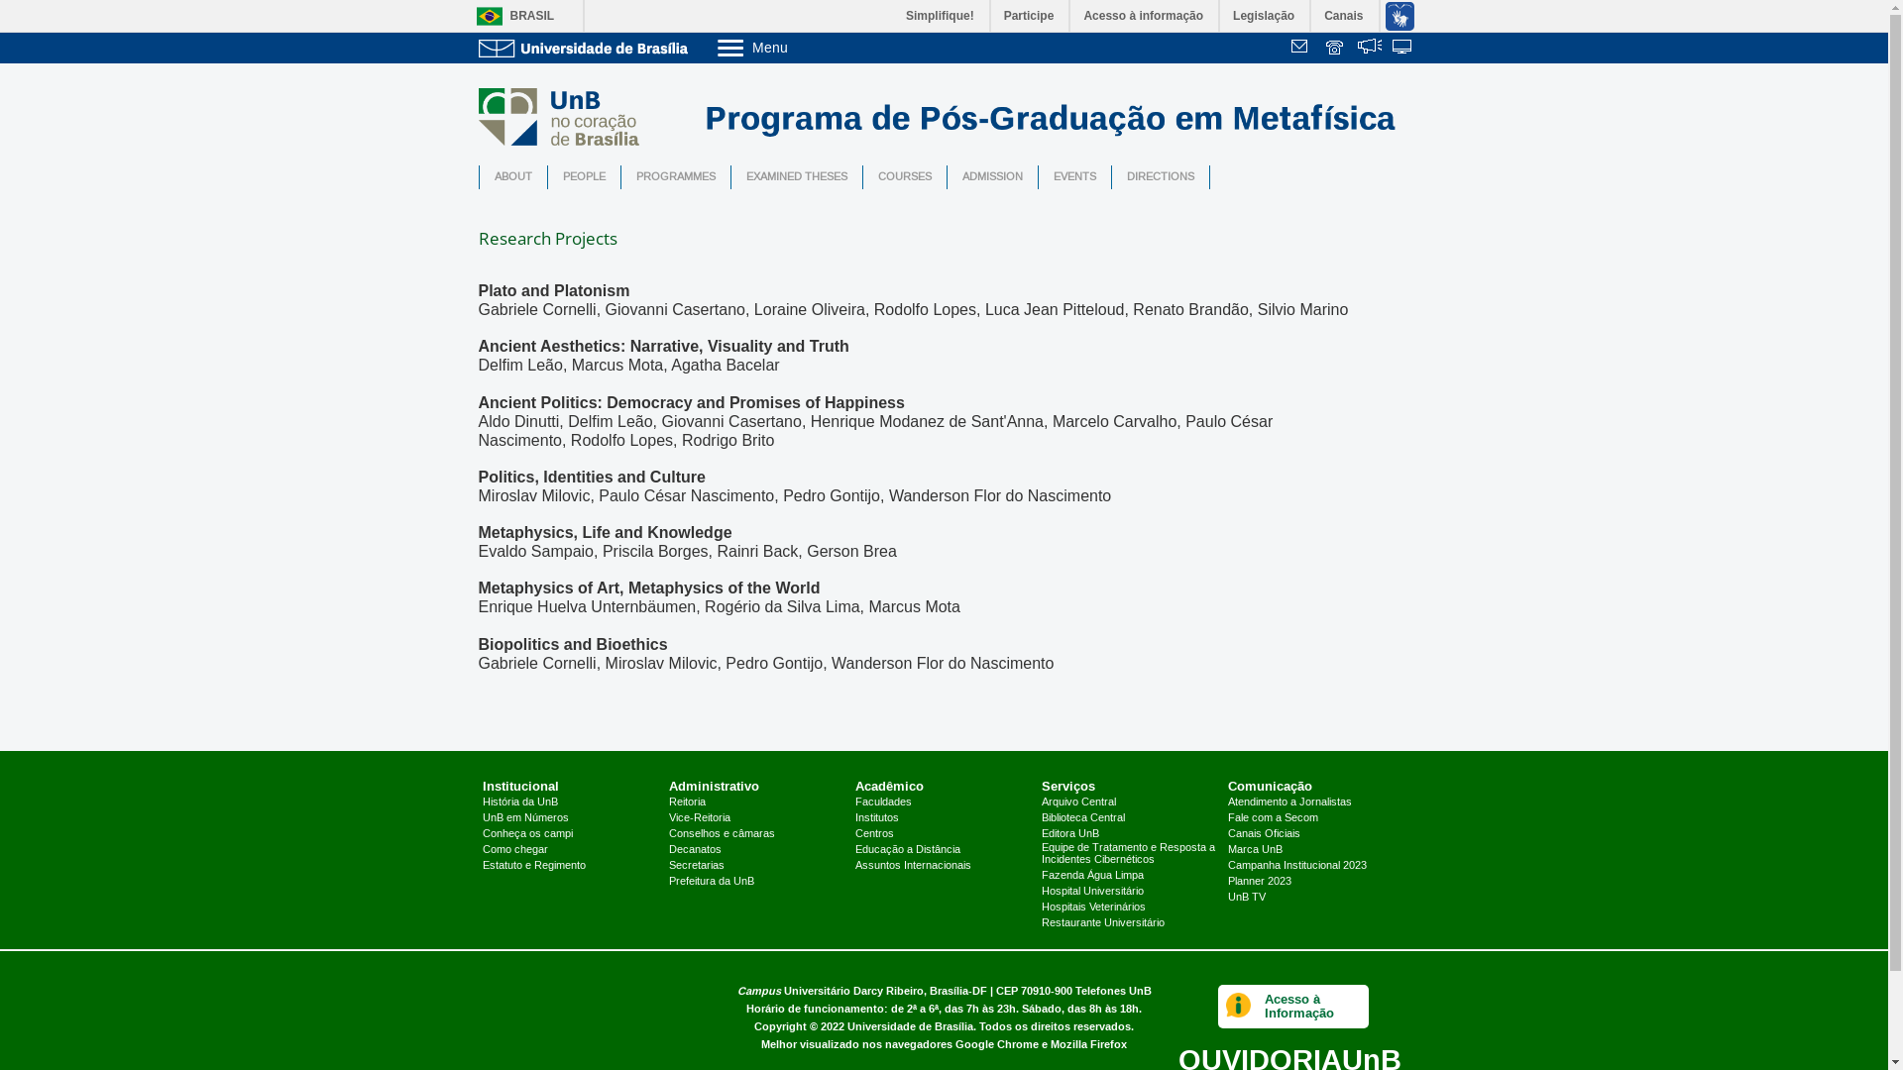 Image resolution: width=1903 pixels, height=1070 pixels. Describe the element at coordinates (912, 865) in the screenshot. I see `'Assuntos Internacionais'` at that location.